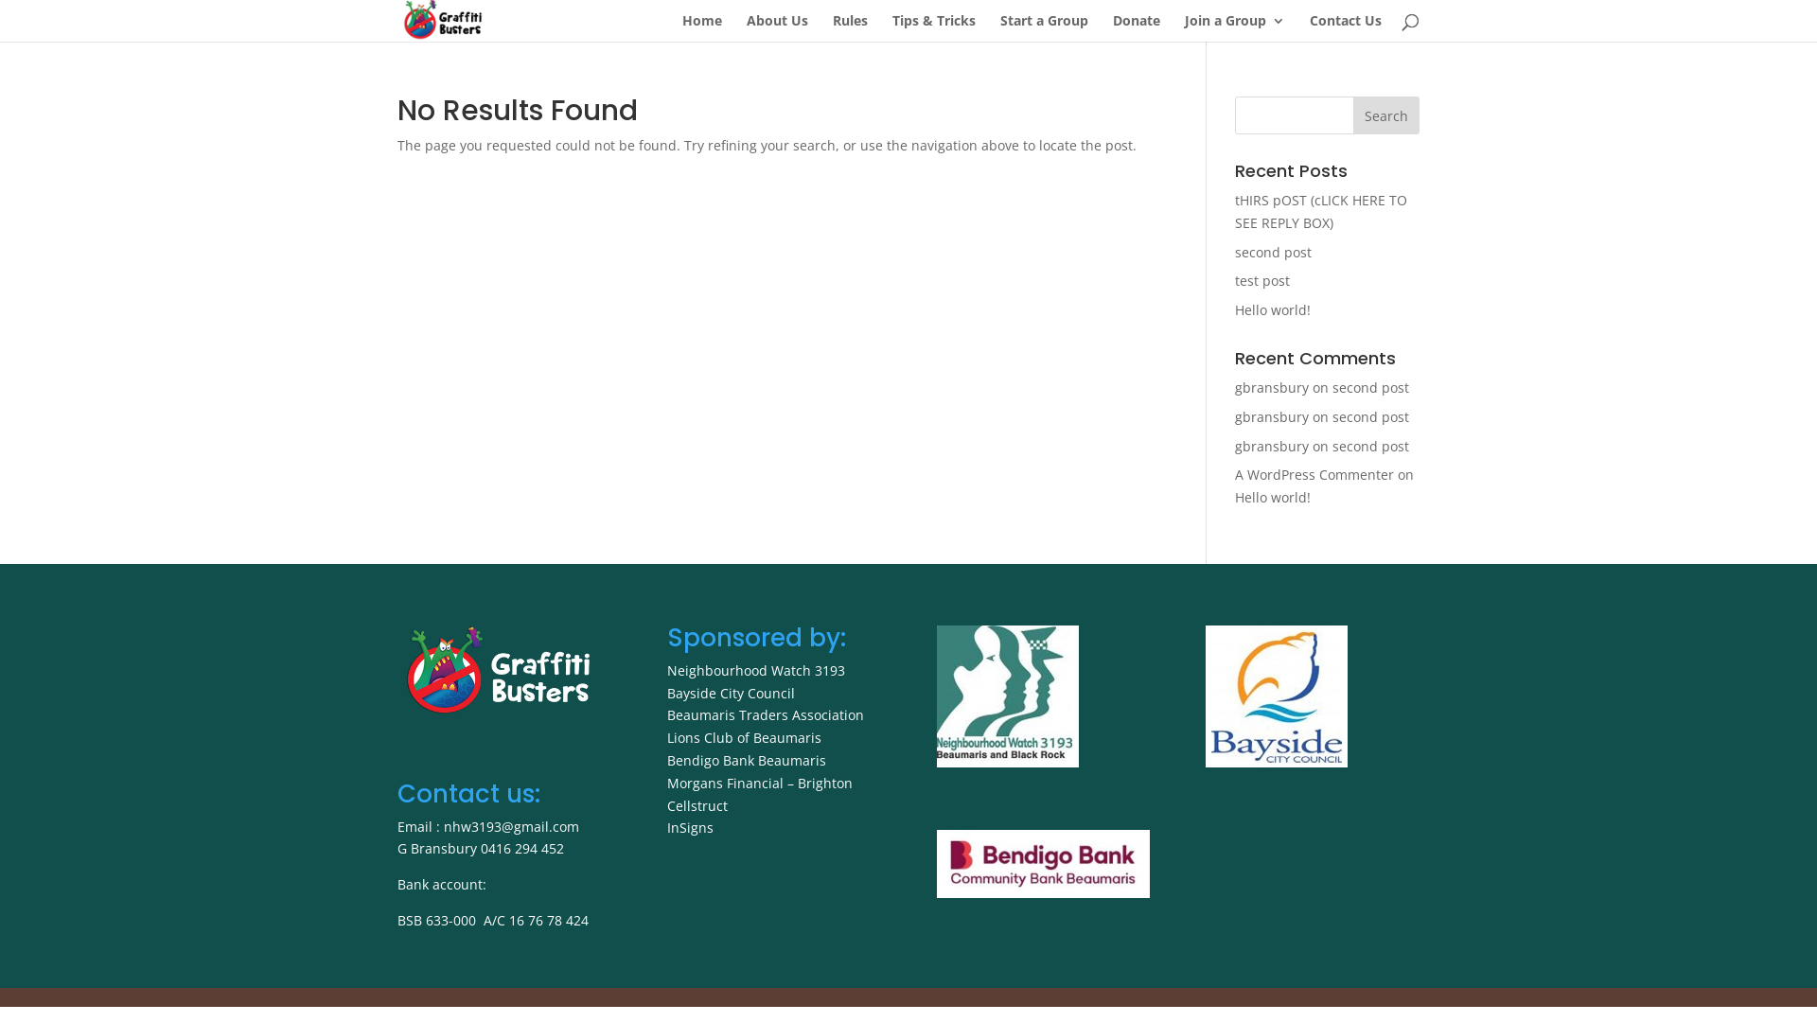  Describe the element at coordinates (1344, 27) in the screenshot. I see `'Contact Us'` at that location.